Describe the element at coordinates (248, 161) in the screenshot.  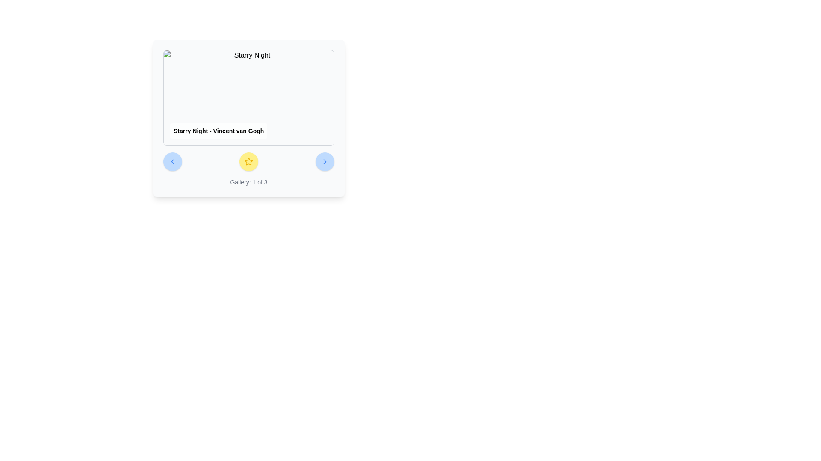
I see `the yellow circular button with a star icon located near the bottom center of the user interface` at that location.